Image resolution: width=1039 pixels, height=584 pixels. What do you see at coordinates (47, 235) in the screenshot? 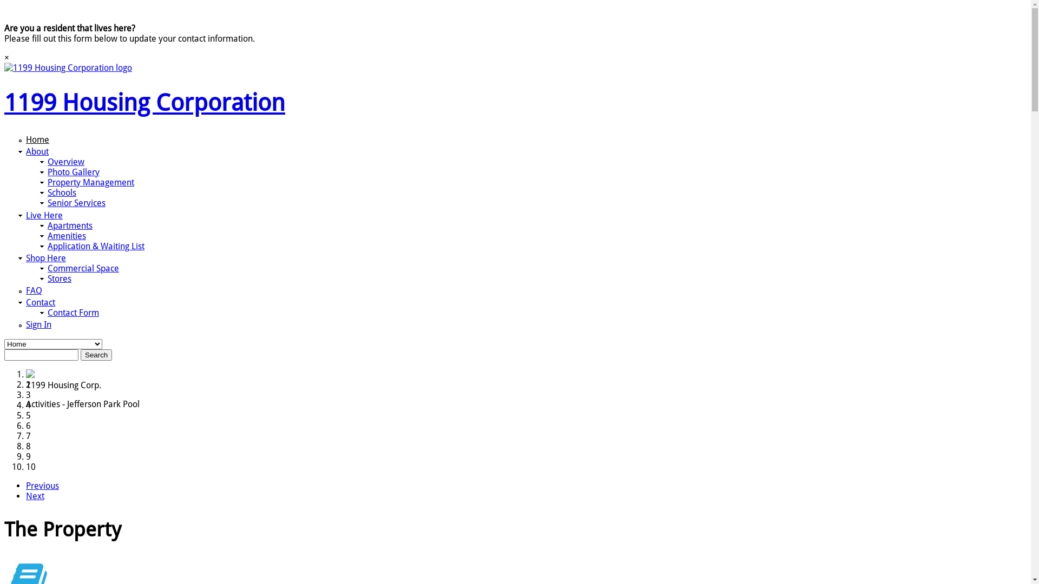
I see `'Amenities'` at bounding box center [47, 235].